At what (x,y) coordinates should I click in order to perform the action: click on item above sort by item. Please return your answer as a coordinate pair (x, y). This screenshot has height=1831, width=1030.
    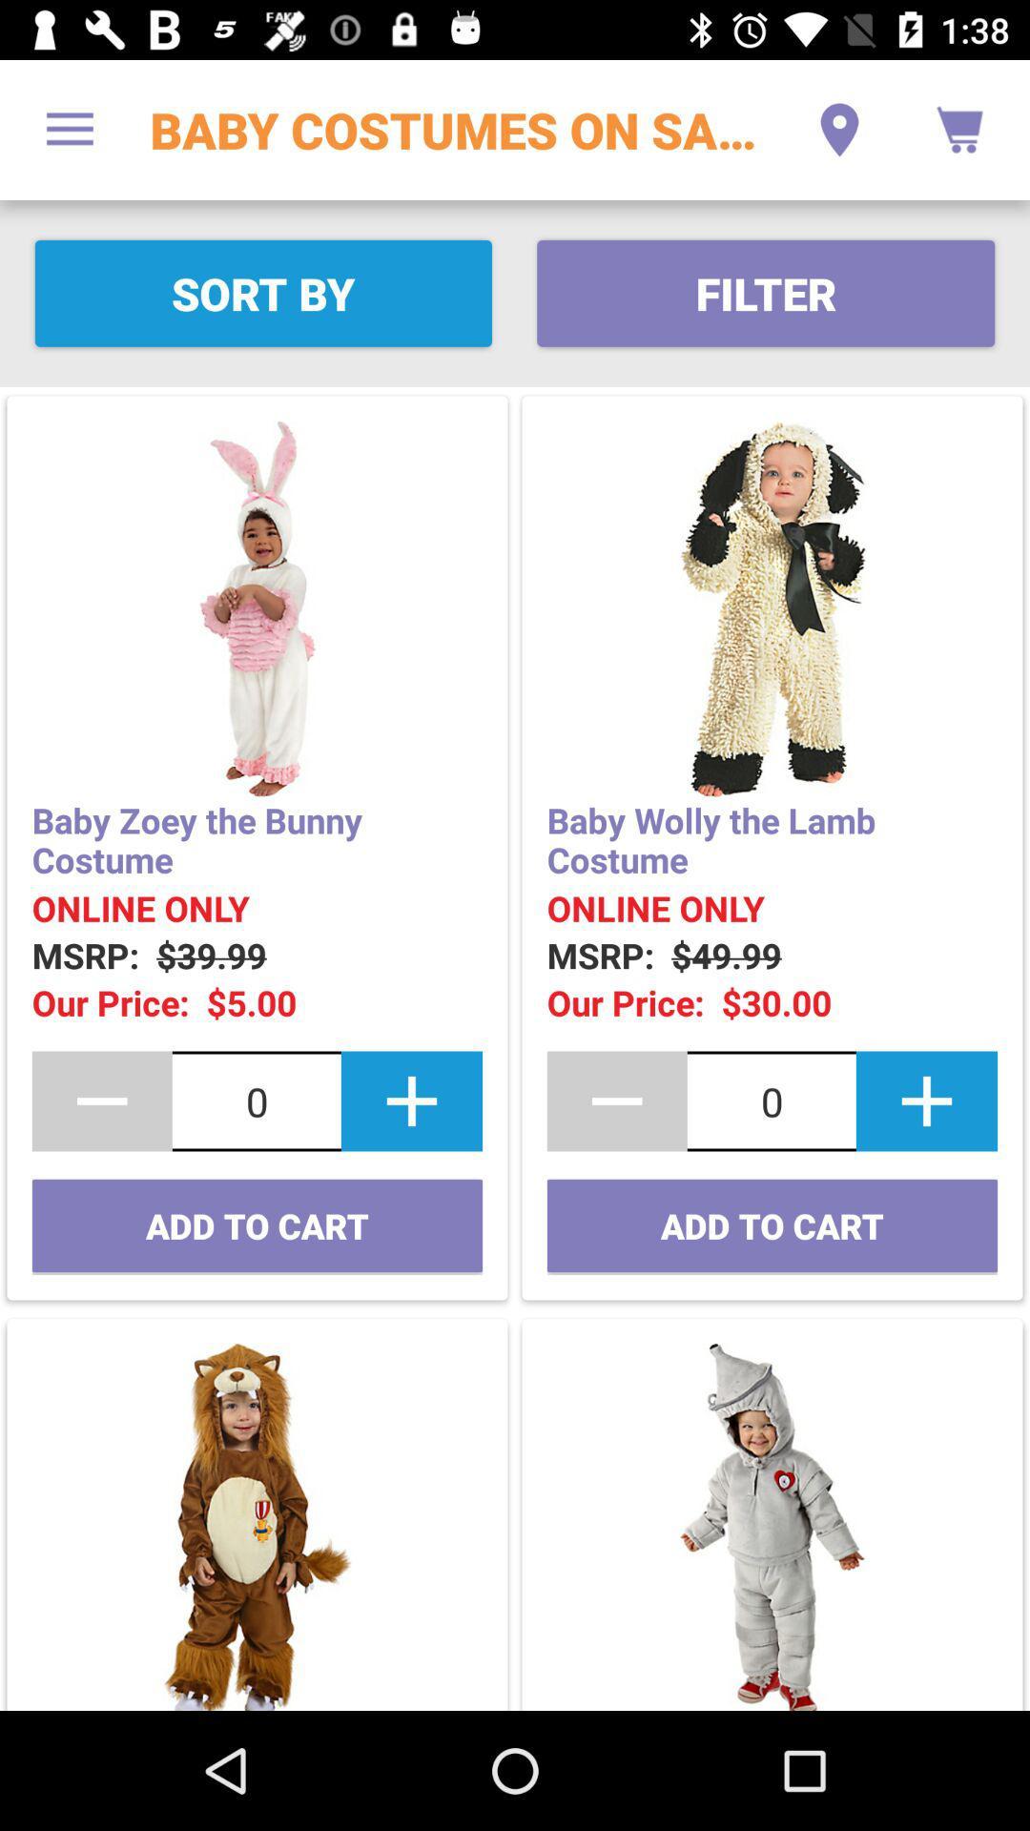
    Looking at the image, I should click on (69, 129).